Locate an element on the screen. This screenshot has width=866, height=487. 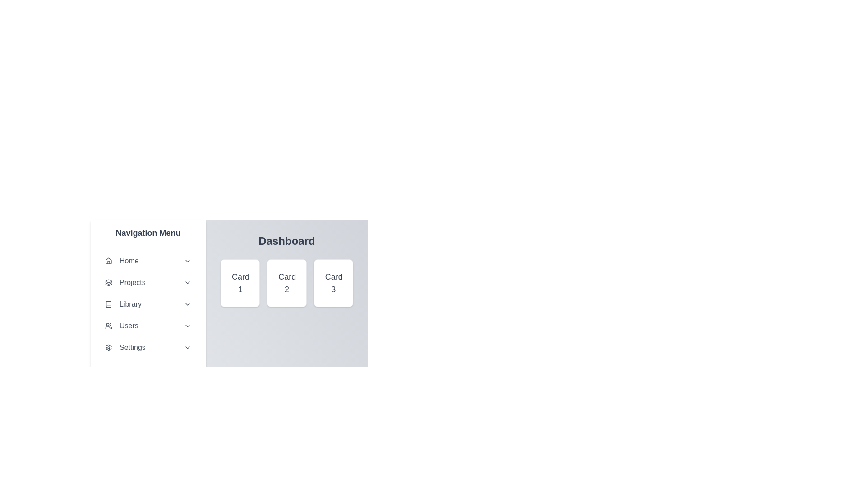
the 'Library' menu item is located at coordinates (148, 304).